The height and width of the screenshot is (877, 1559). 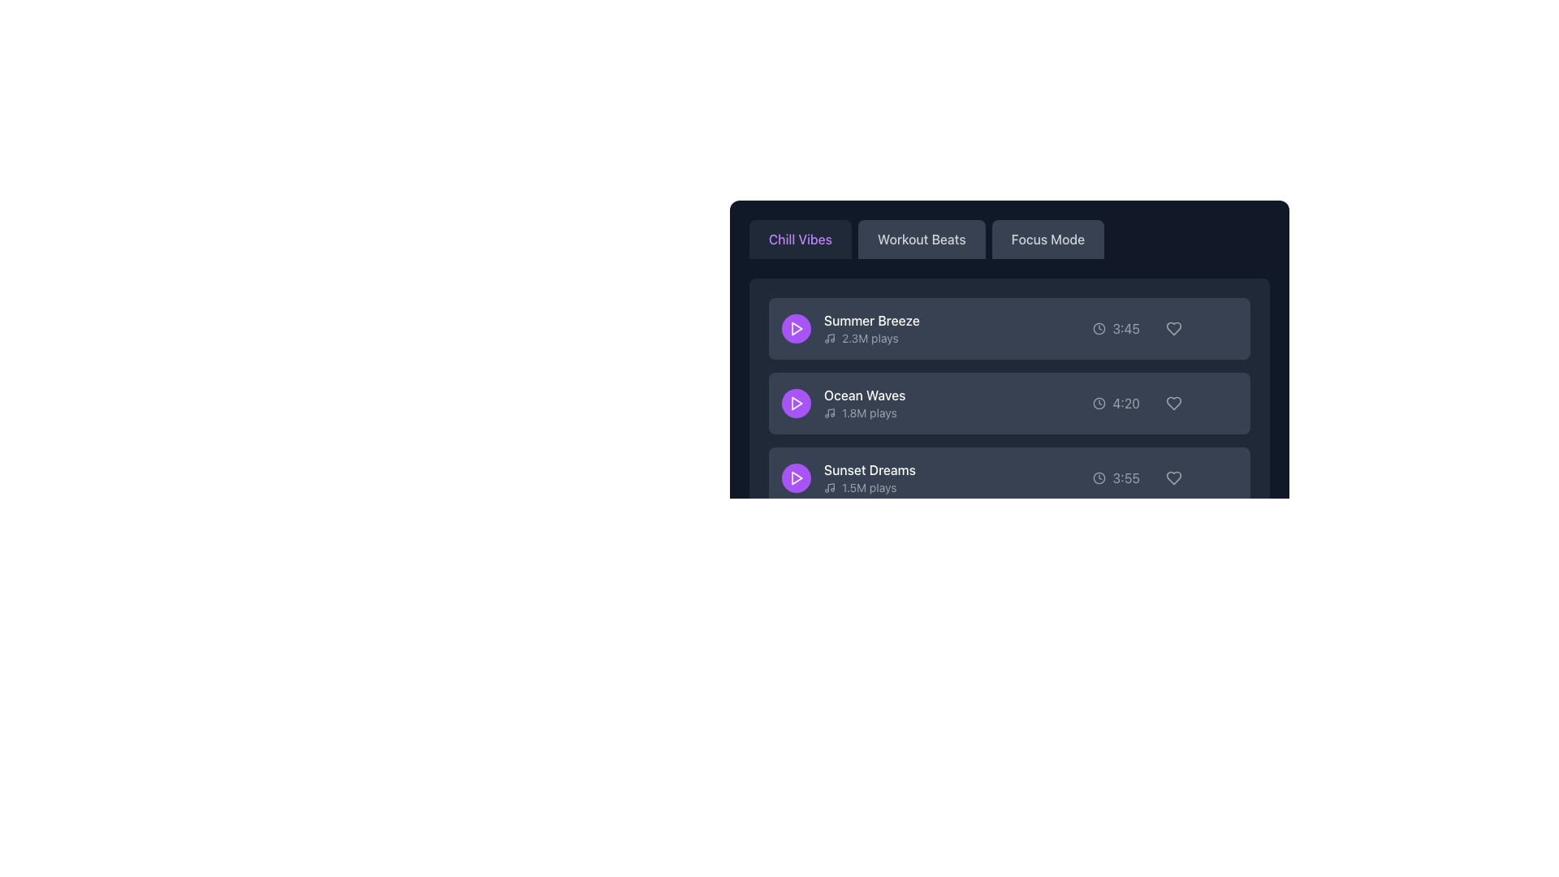 I want to click on text label that serves as the title or name of the listed music track, positioned immediately to the right of the purple play button, so click(x=870, y=320).